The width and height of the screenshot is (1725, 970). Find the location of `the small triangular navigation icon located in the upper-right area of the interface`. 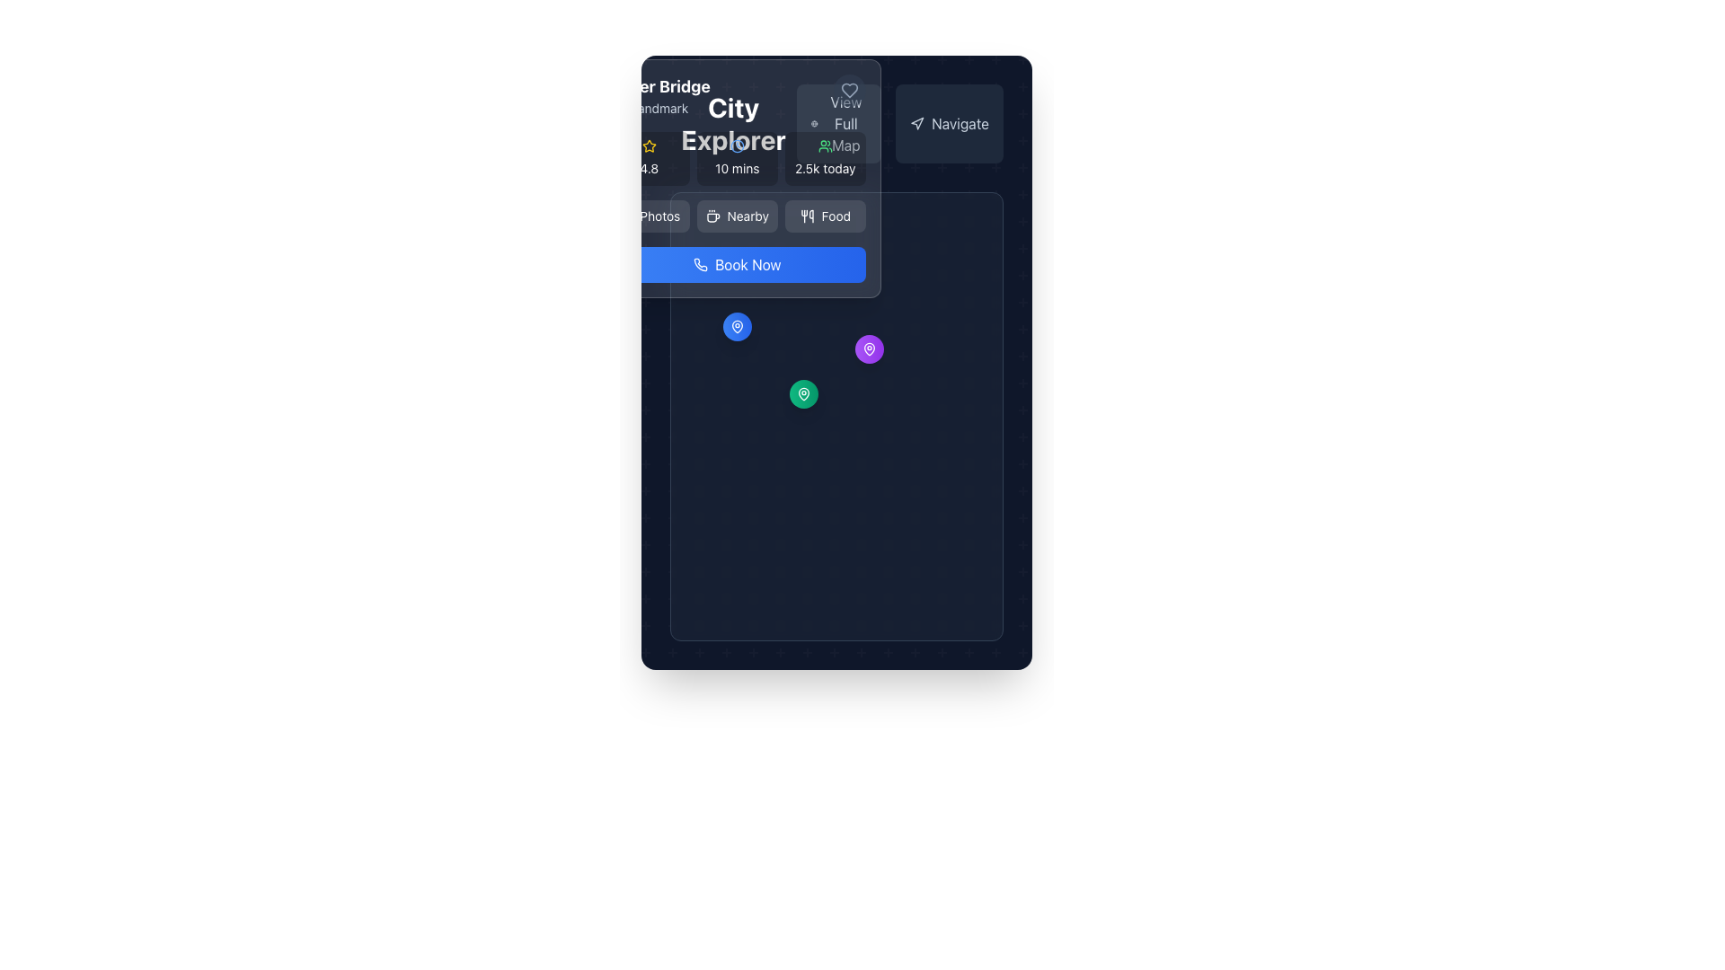

the small triangular navigation icon located in the upper-right area of the interface is located at coordinates (917, 122).